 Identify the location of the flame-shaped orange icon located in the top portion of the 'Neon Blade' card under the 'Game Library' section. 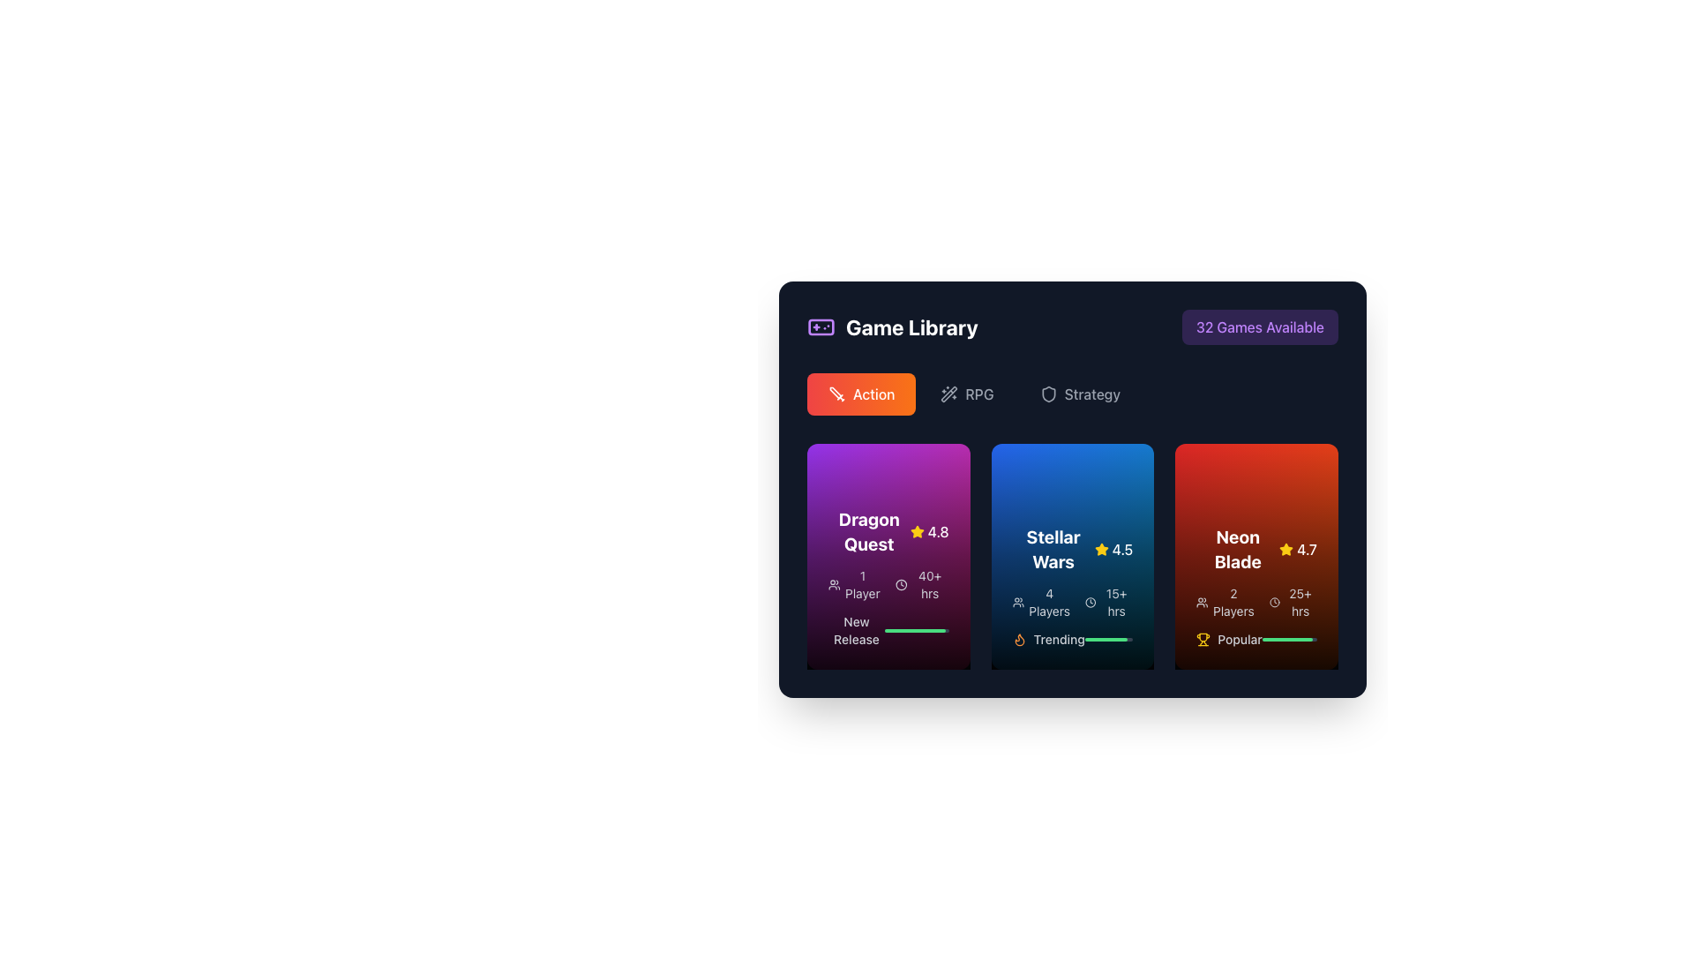
(1019, 640).